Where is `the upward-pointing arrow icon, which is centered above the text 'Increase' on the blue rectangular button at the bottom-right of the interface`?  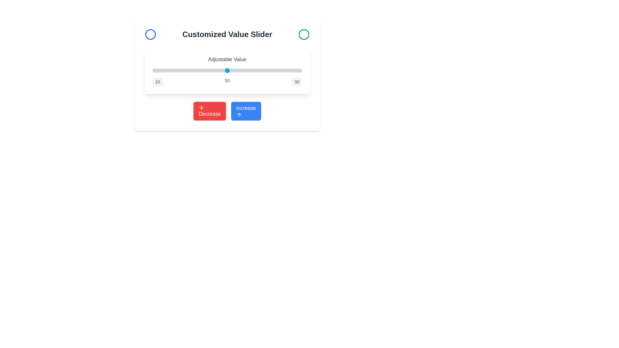
the upward-pointing arrow icon, which is centered above the text 'Increase' on the blue rectangular button at the bottom-right of the interface is located at coordinates (239, 115).